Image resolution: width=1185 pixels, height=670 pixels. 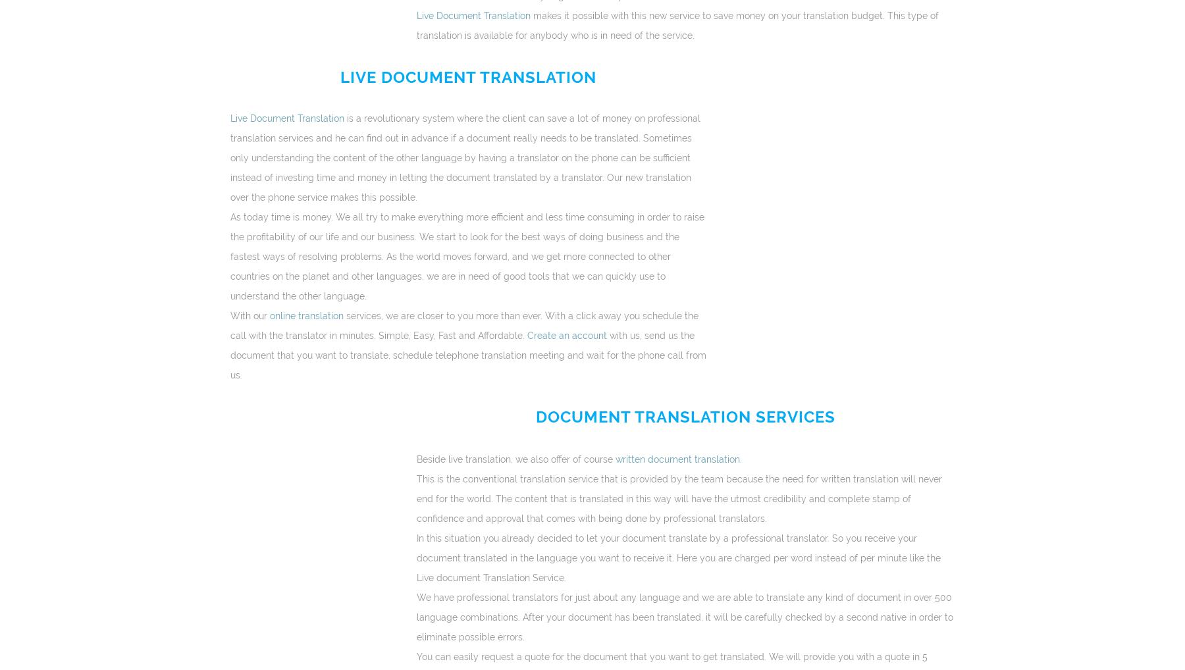 I want to click on 'services, we are closer to you more than ever. With a click away you schedule the call with the translator in minutes. Simple, Easy, Fast and Affordable.', so click(x=463, y=325).